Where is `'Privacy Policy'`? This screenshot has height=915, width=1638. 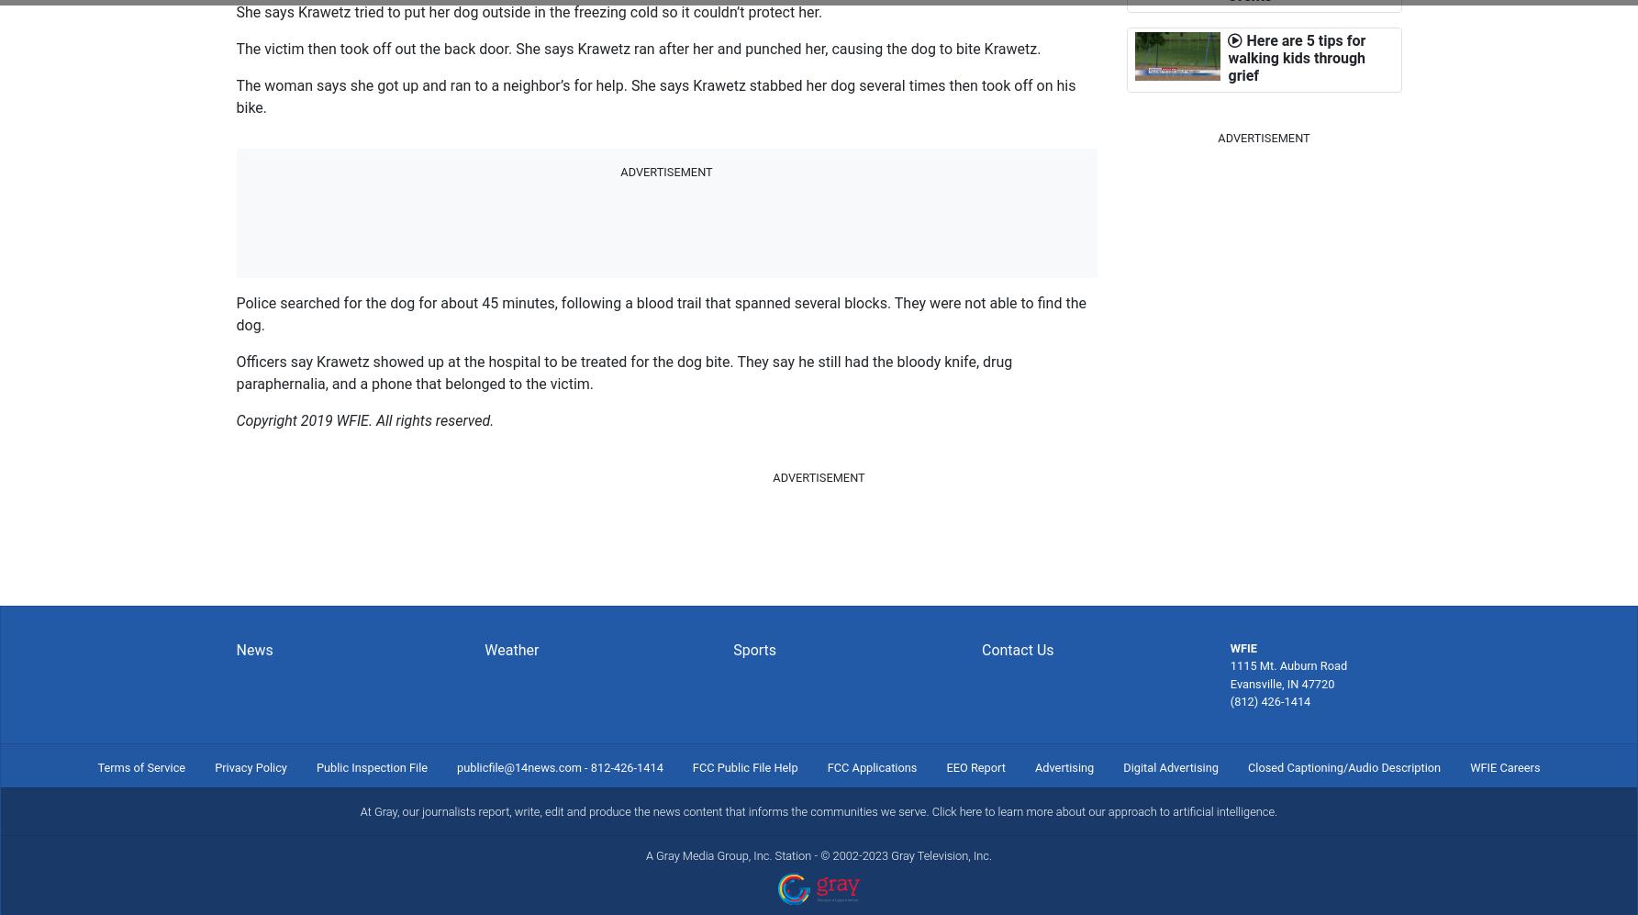 'Privacy Policy' is located at coordinates (250, 767).